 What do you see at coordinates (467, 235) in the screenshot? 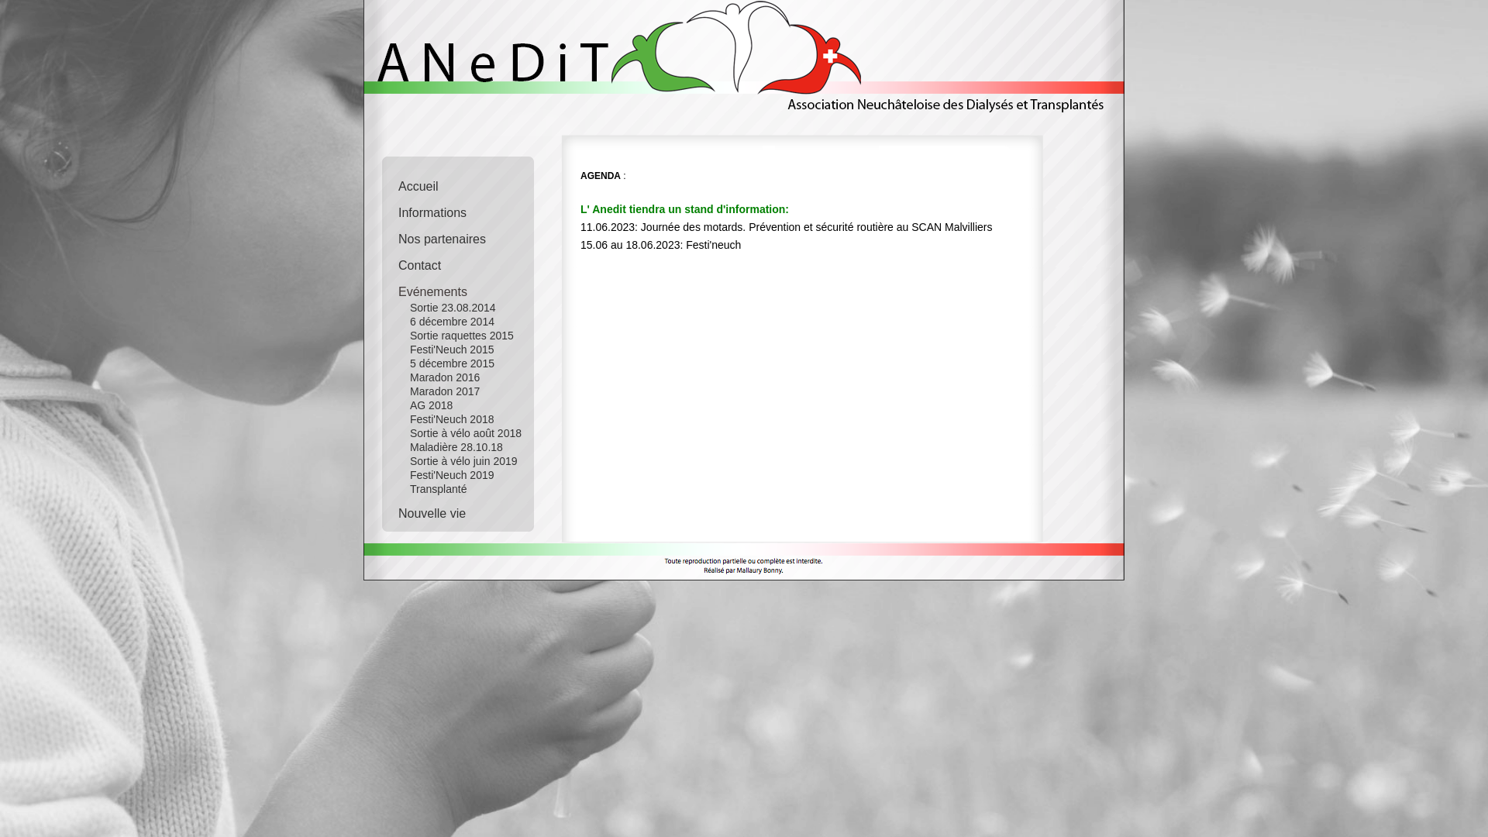
I see `'Nos partenaires'` at bounding box center [467, 235].